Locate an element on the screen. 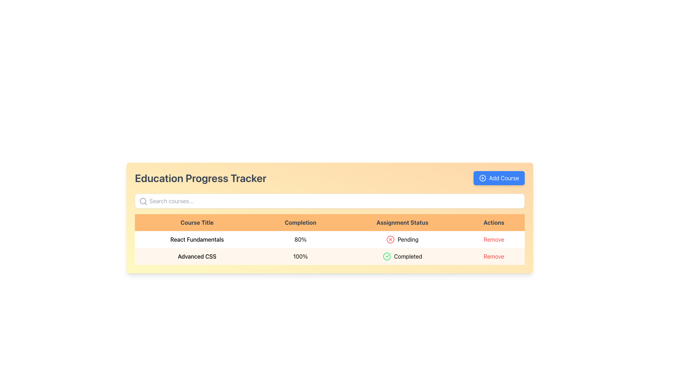  the interactive text link labeled 'Remove' located in the 'Actions' column of the first row under 'Education Progress Tracker' is located at coordinates (493, 239).